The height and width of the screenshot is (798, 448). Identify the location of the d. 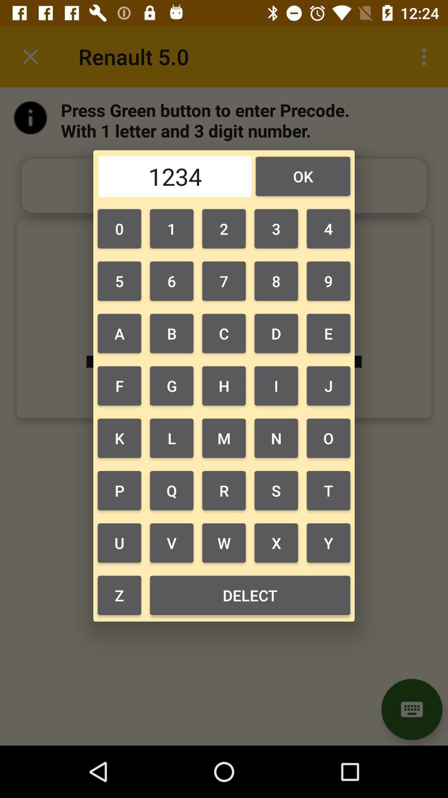
(276, 333).